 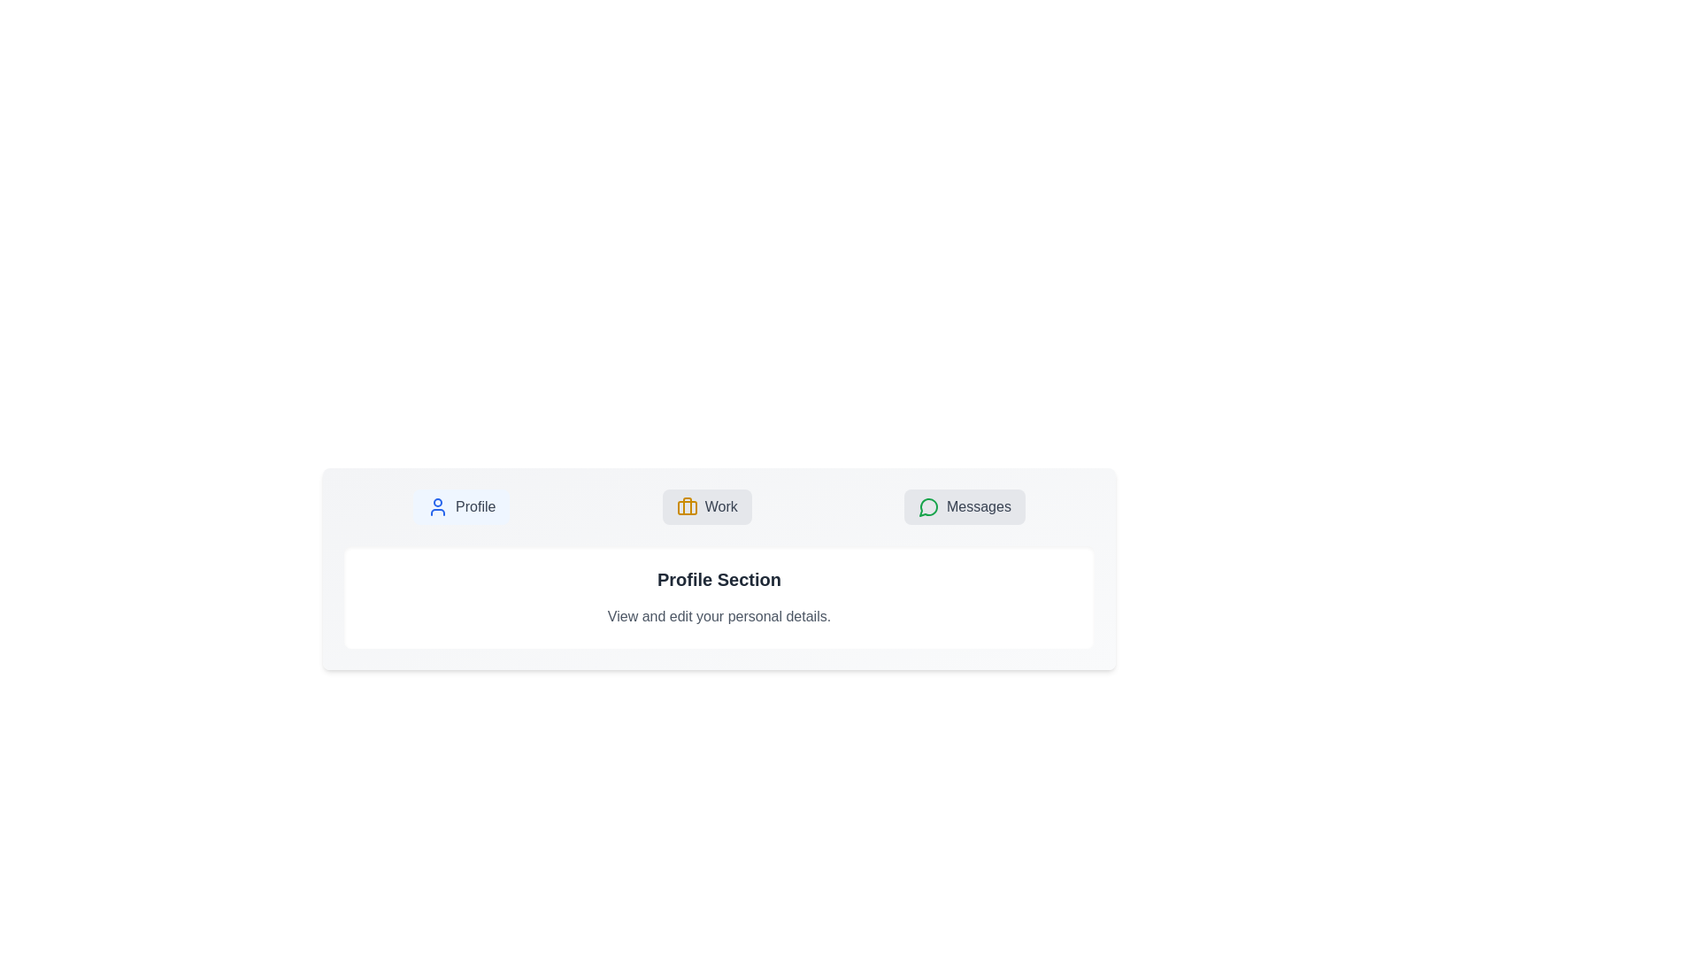 What do you see at coordinates (964, 507) in the screenshot?
I see `the Messages tab to switch to its content` at bounding box center [964, 507].